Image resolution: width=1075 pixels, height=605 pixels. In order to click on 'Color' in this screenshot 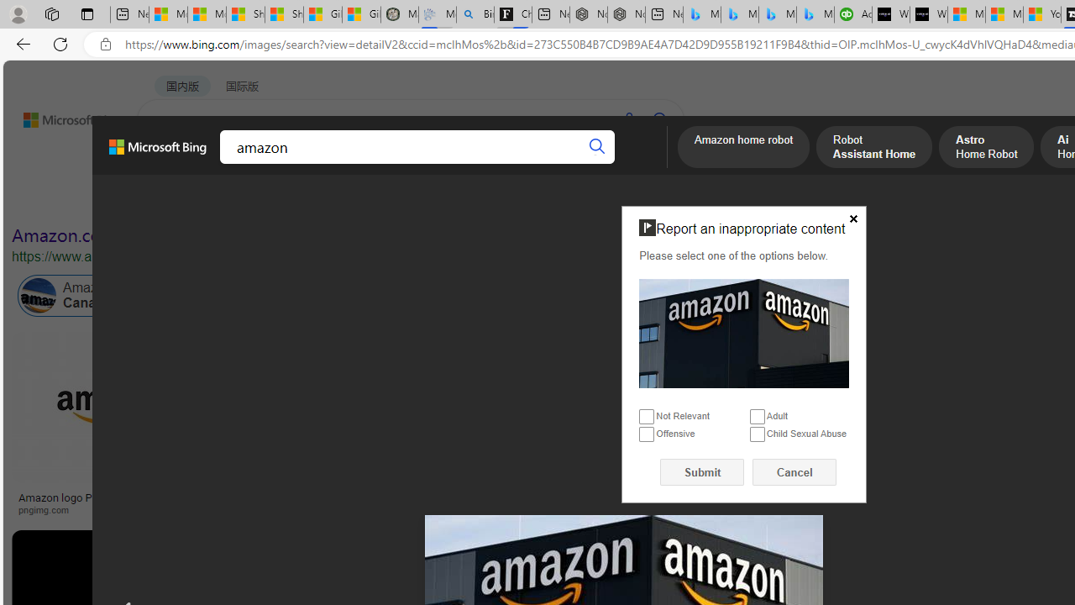, I will do `click(255, 198)`.